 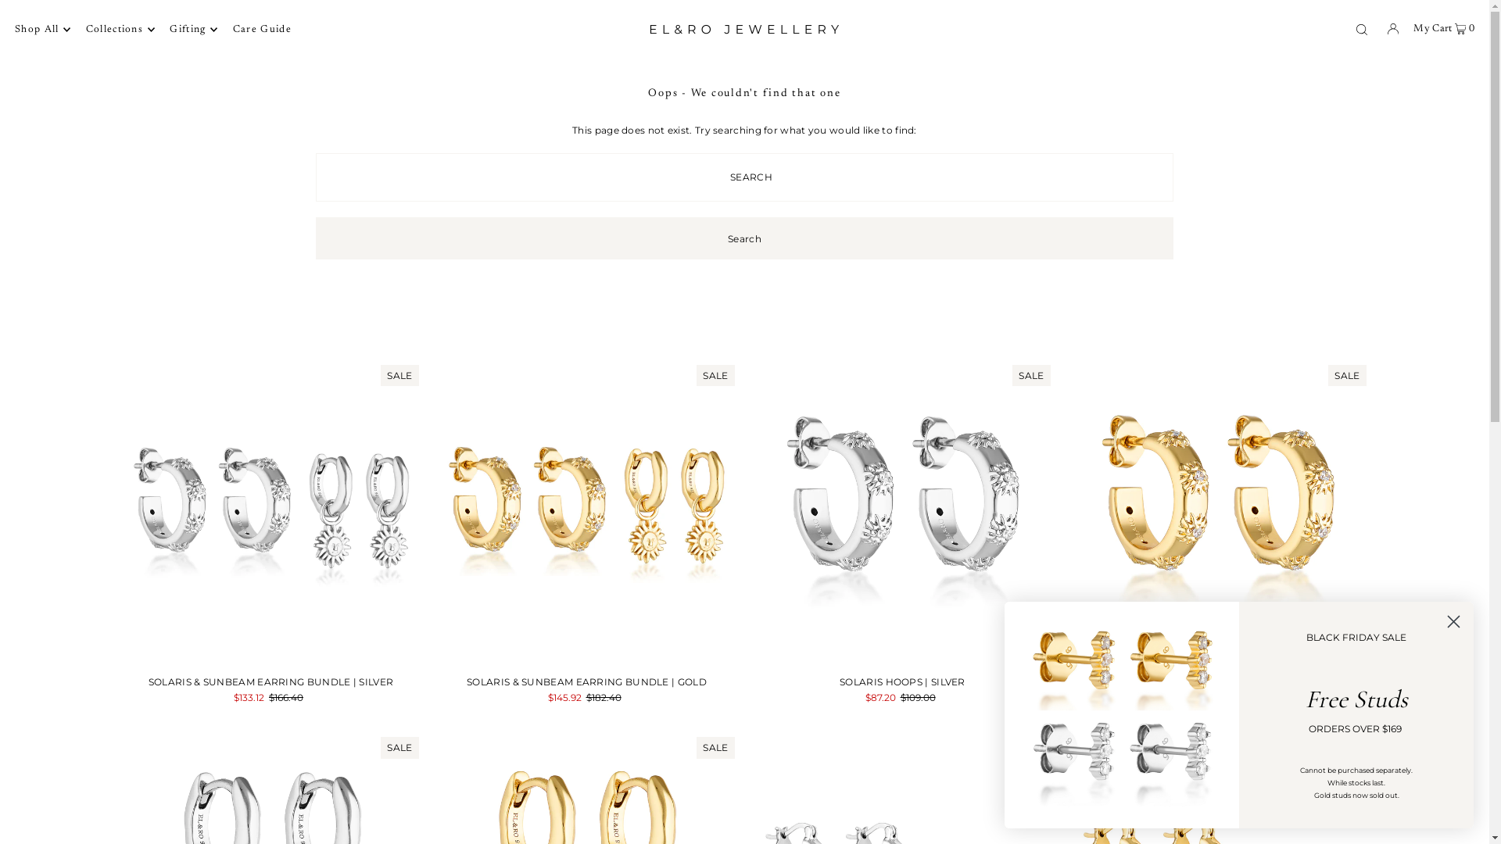 What do you see at coordinates (270, 681) in the screenshot?
I see `'SOLARIS & SUNBEAM EARRING BUNDLE | SILVER'` at bounding box center [270, 681].